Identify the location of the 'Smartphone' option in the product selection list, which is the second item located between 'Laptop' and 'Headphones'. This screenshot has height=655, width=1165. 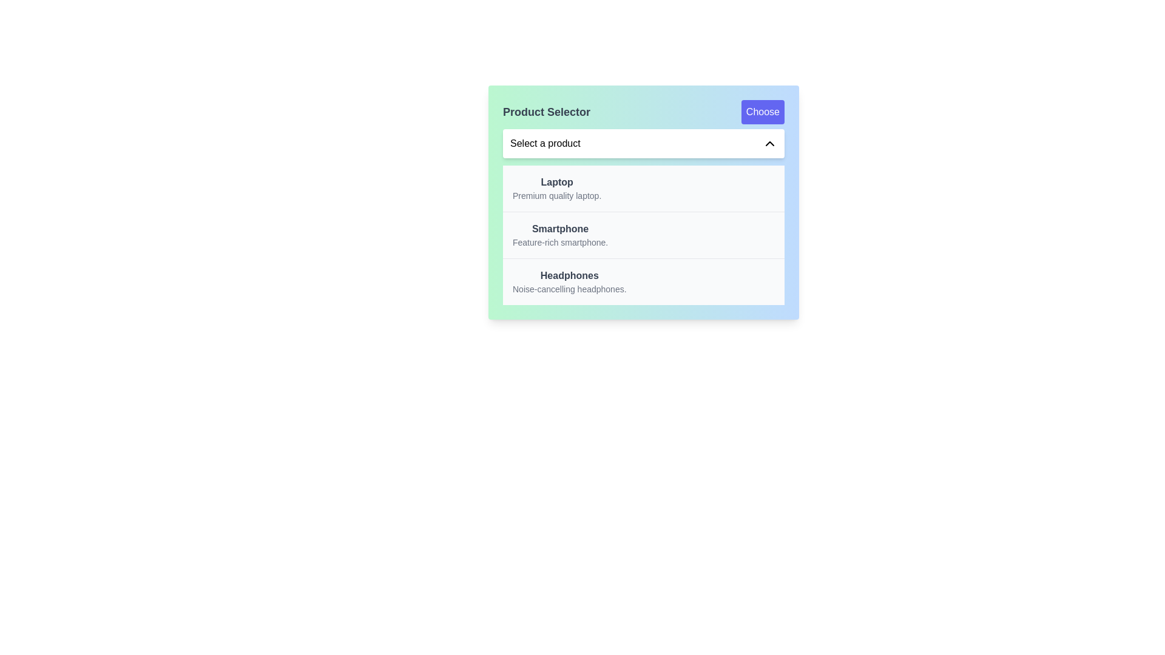
(643, 235).